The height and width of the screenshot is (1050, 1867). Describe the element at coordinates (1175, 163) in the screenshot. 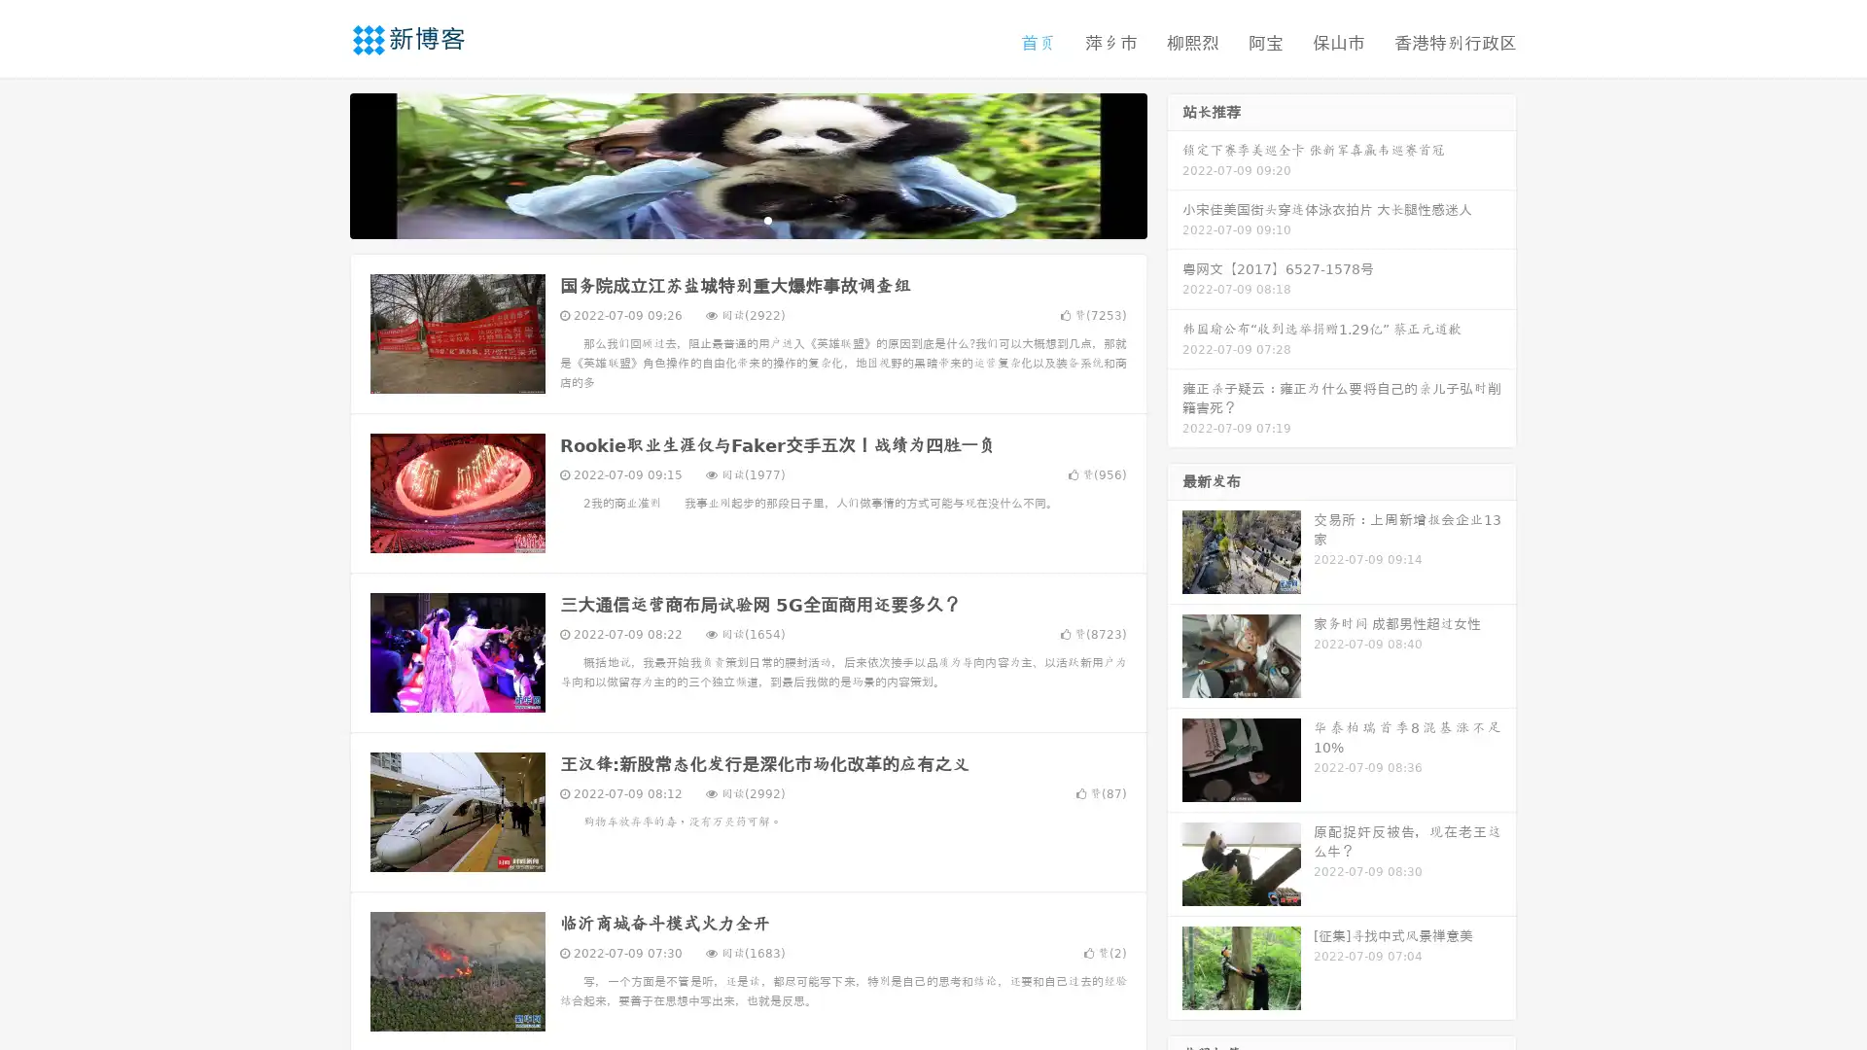

I see `Next slide` at that location.